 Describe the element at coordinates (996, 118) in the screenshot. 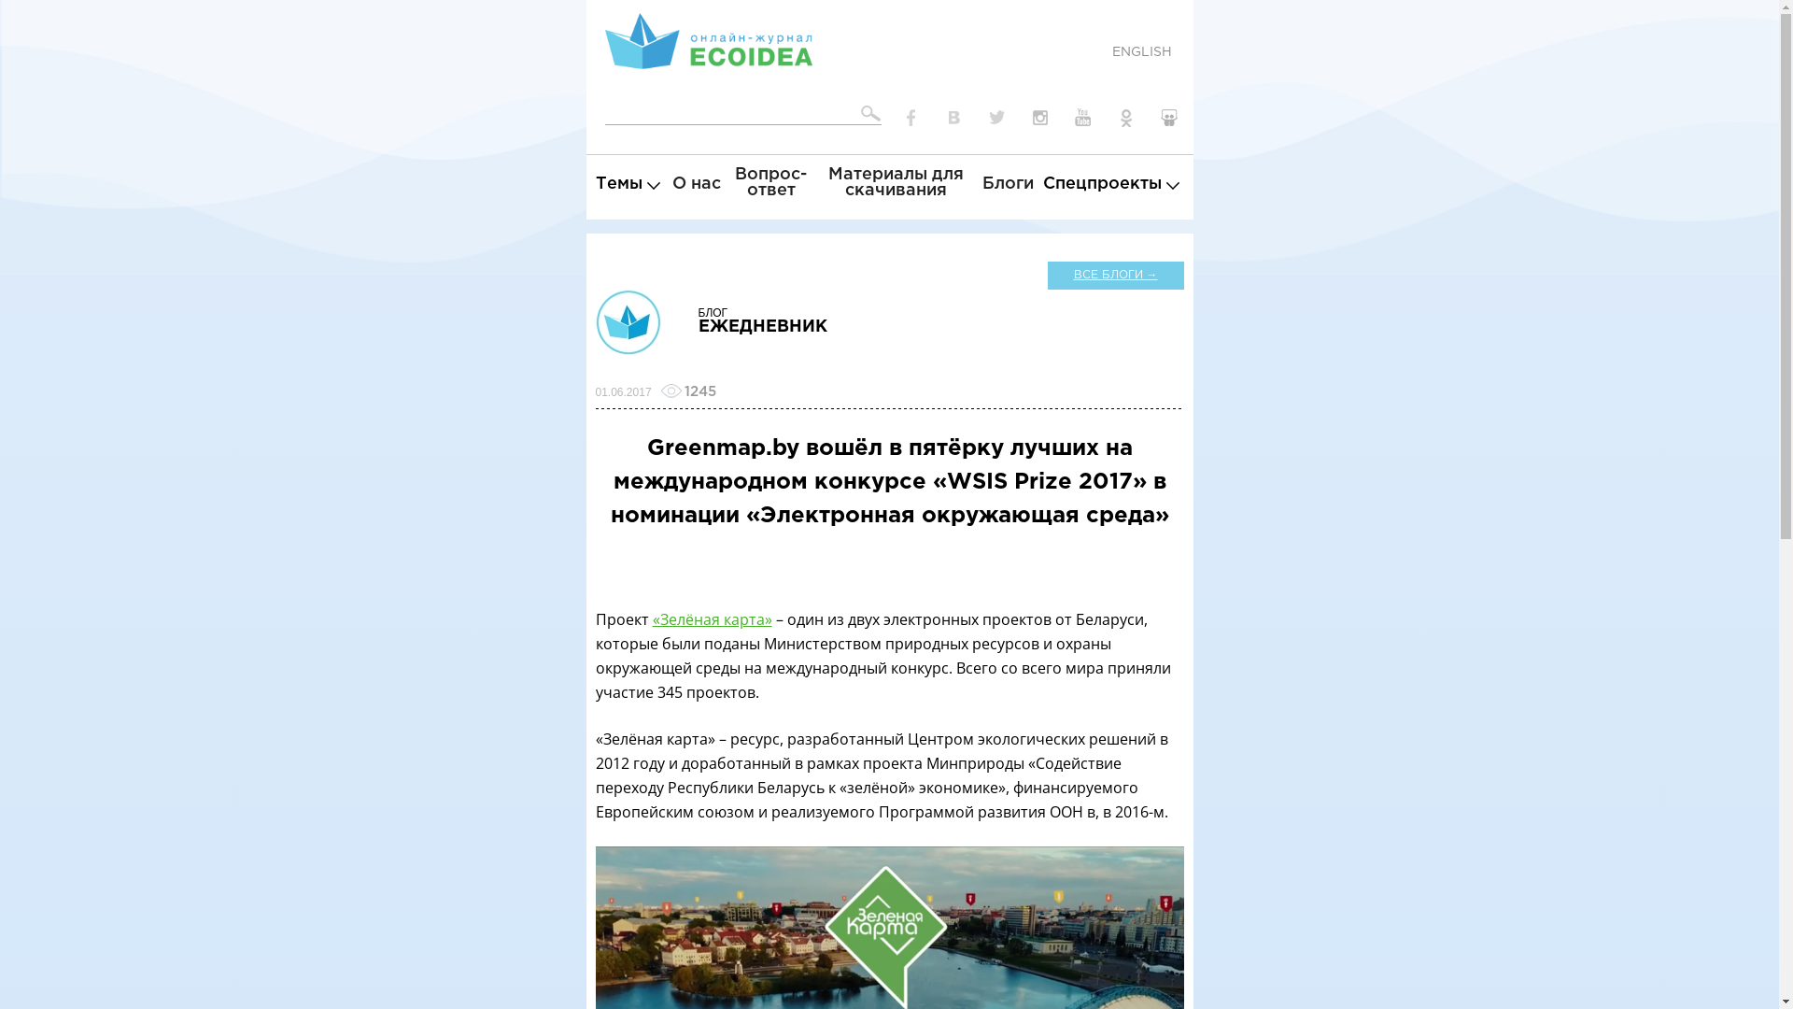

I see `'Twitter'` at that location.